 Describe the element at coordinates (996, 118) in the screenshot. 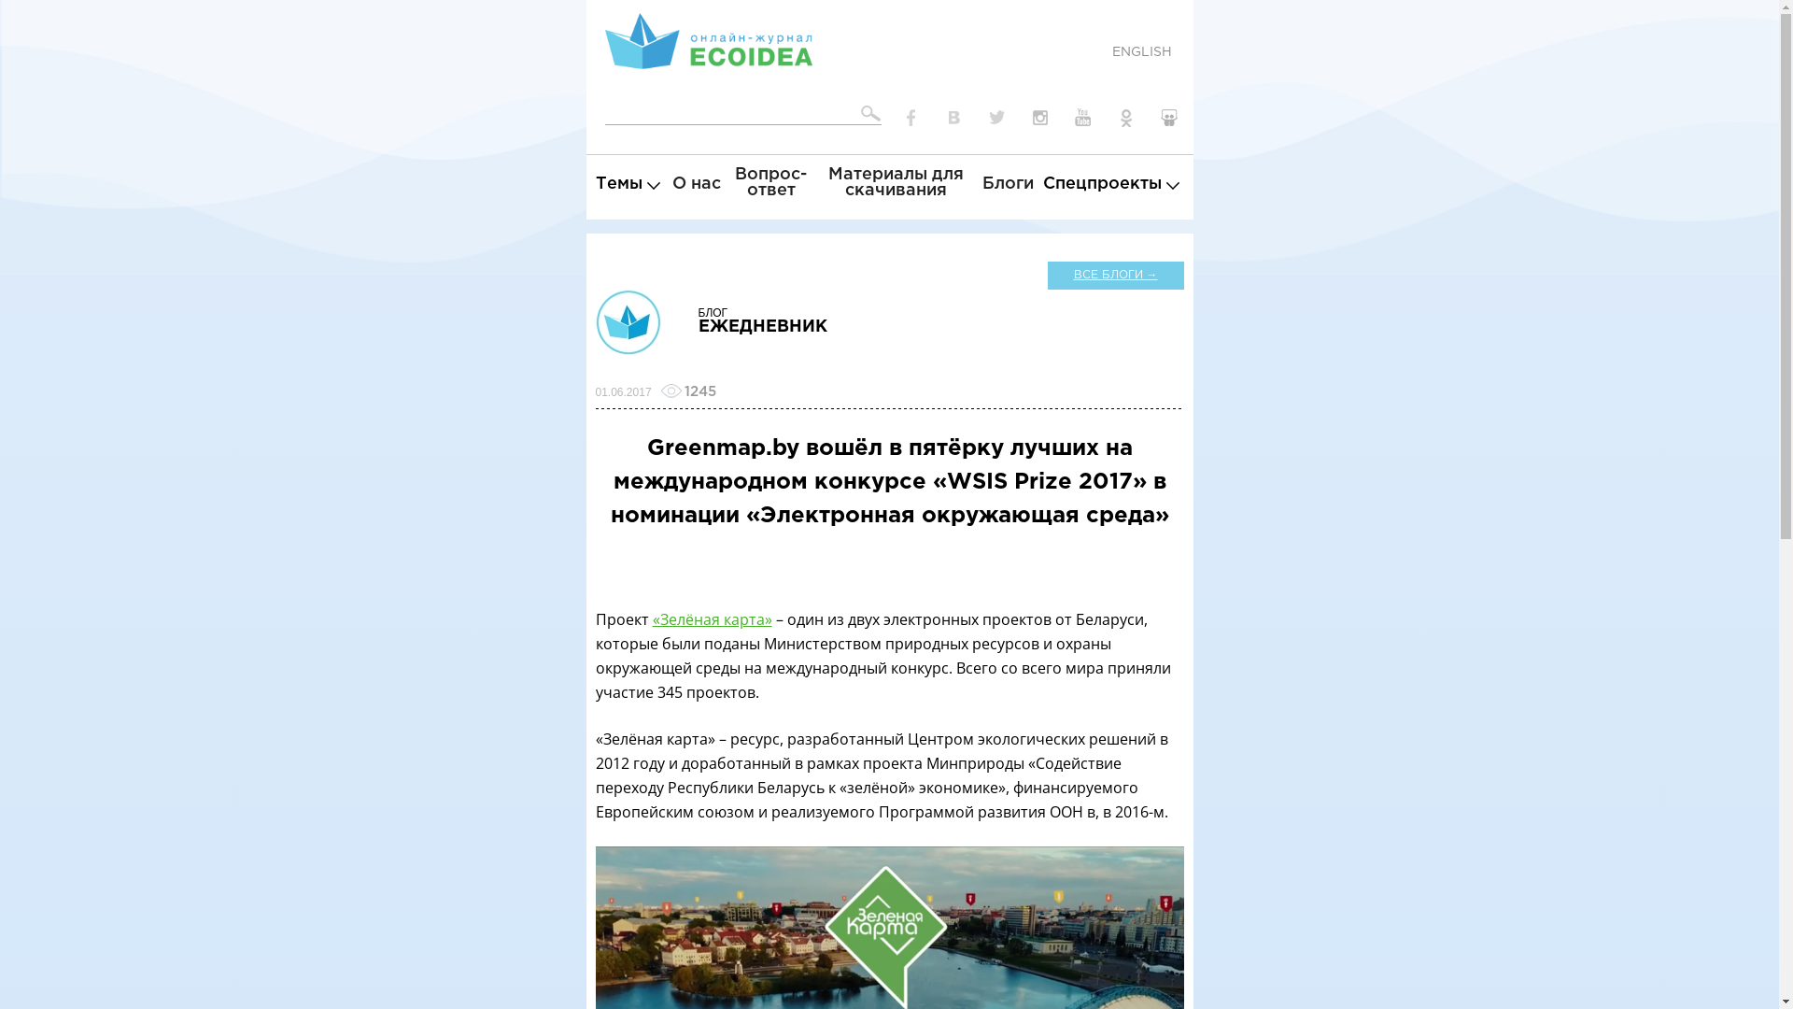

I see `'Twitter'` at that location.